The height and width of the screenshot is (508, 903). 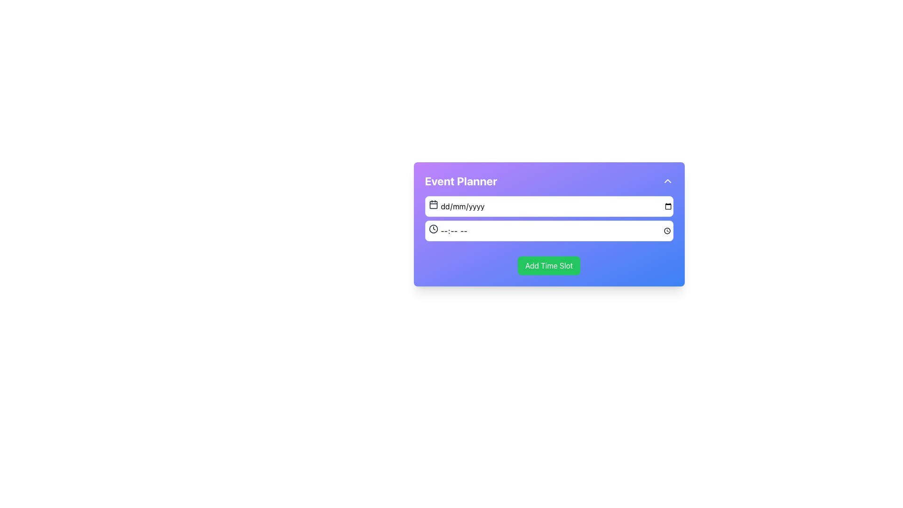 I want to click on the time input field with clock icons on both sides, so click(x=549, y=230).